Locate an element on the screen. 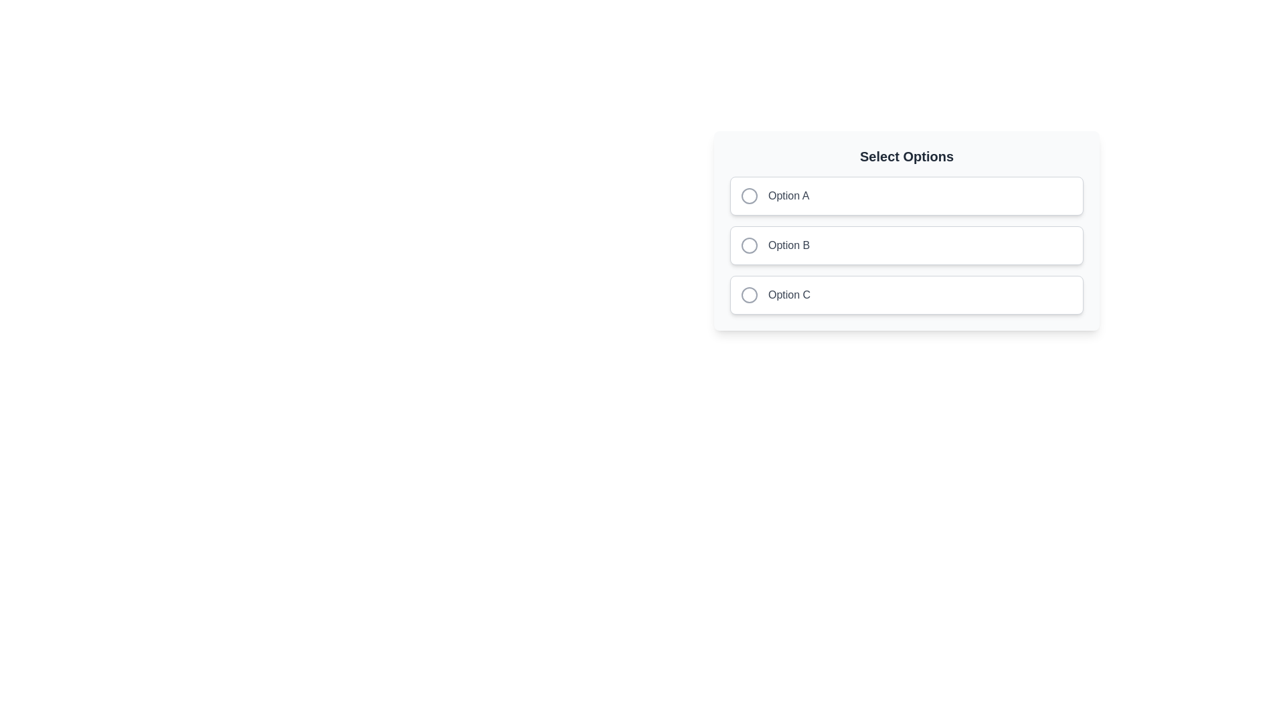 This screenshot has height=723, width=1285. the circular radio button styled element next to the text 'Option A' to select or deselect it is located at coordinates (748, 196).